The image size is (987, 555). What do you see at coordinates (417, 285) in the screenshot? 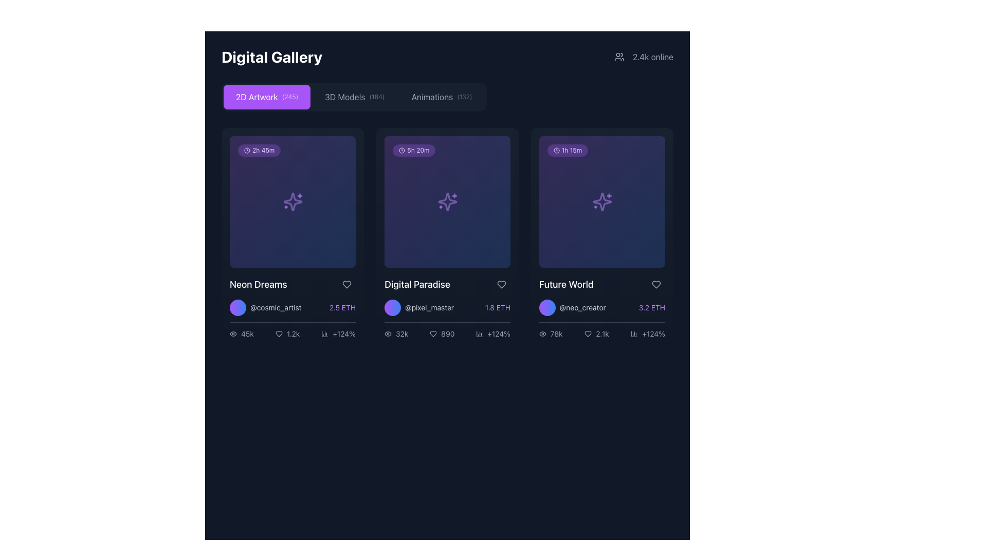
I see `the text label that serves as the title or name of a digital item, positioned in the middle column of three horizontally arranged cards` at bounding box center [417, 285].